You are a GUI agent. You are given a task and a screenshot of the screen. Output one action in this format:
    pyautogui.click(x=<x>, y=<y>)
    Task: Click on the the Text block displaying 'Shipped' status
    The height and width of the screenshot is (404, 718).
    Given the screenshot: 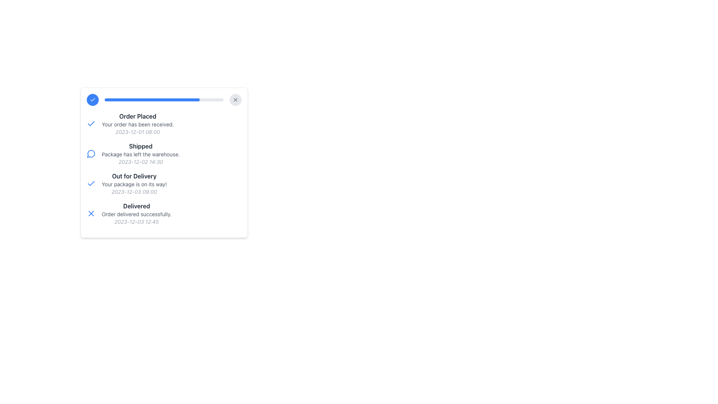 What is the action you would take?
    pyautogui.click(x=141, y=153)
    